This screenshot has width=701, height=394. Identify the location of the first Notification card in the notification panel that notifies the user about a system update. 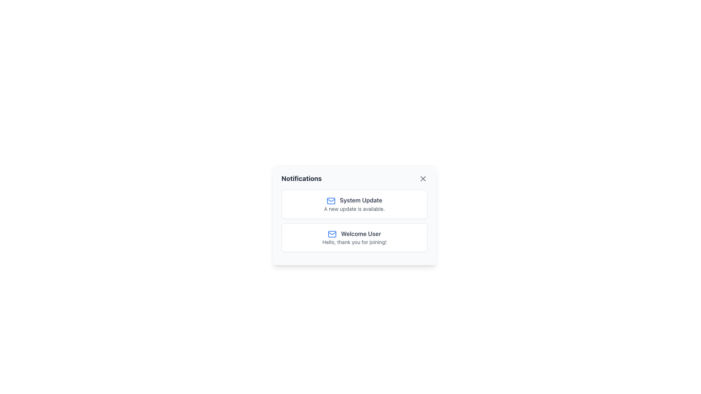
(354, 204).